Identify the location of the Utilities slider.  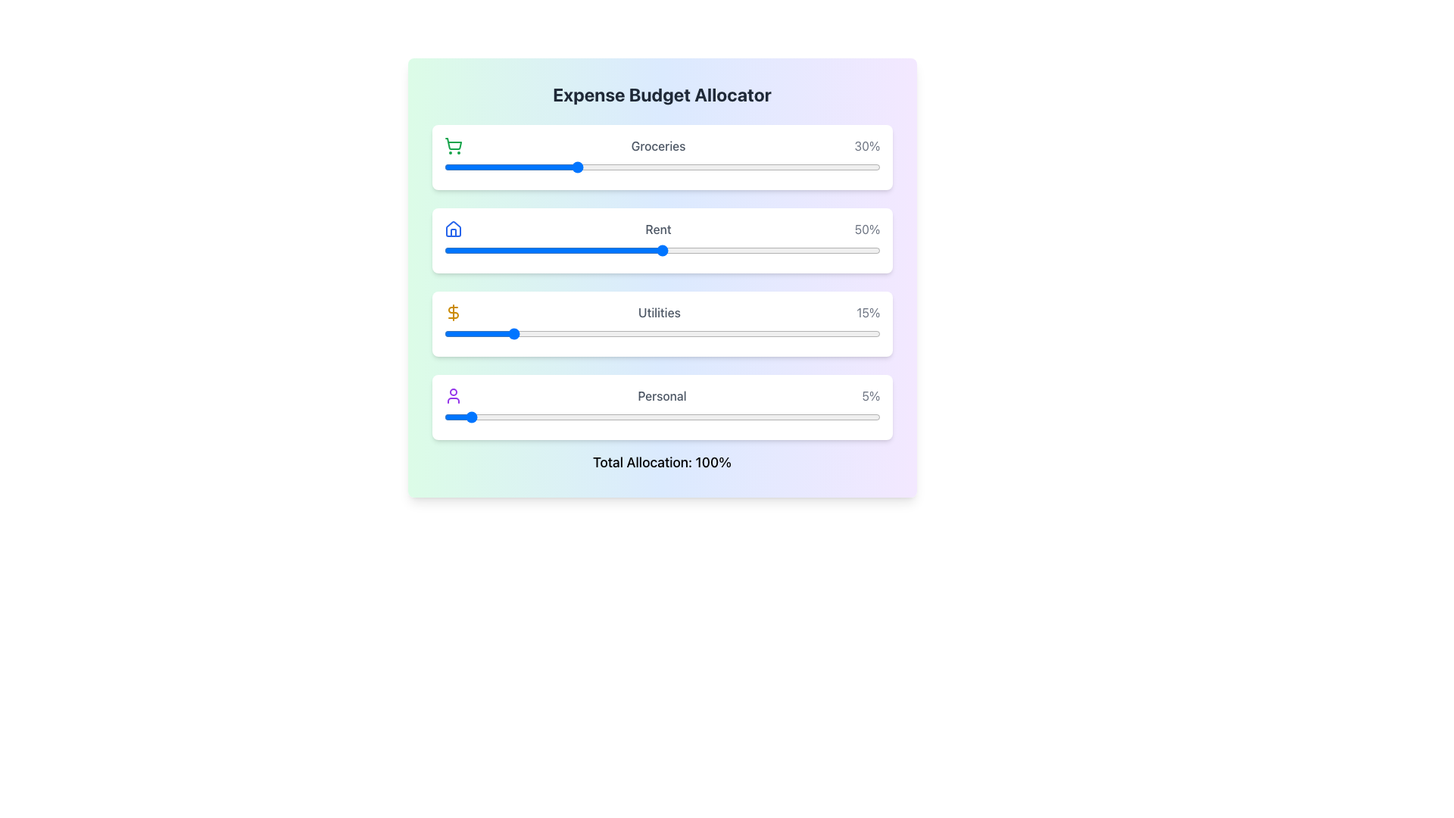
(544, 333).